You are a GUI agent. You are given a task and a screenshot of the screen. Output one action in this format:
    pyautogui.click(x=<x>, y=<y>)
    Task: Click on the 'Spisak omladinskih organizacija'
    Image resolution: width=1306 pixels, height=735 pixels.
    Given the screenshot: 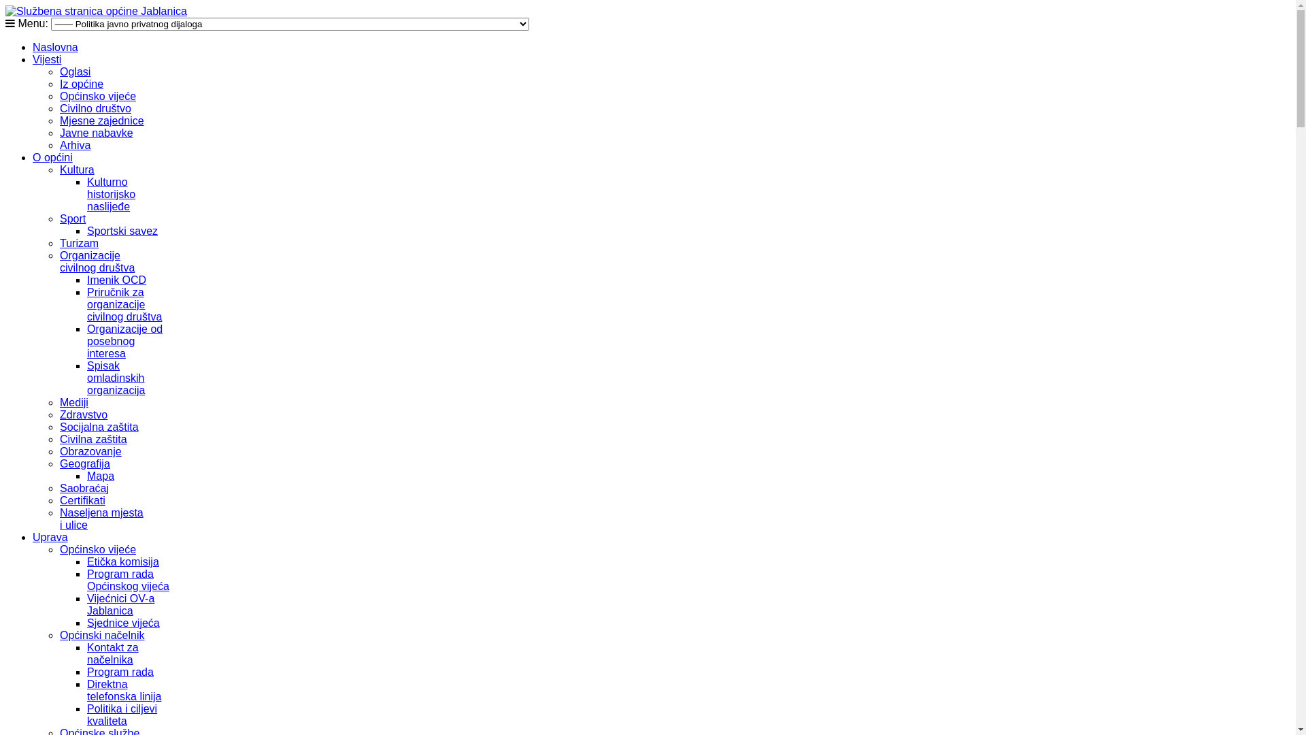 What is the action you would take?
    pyautogui.click(x=116, y=378)
    